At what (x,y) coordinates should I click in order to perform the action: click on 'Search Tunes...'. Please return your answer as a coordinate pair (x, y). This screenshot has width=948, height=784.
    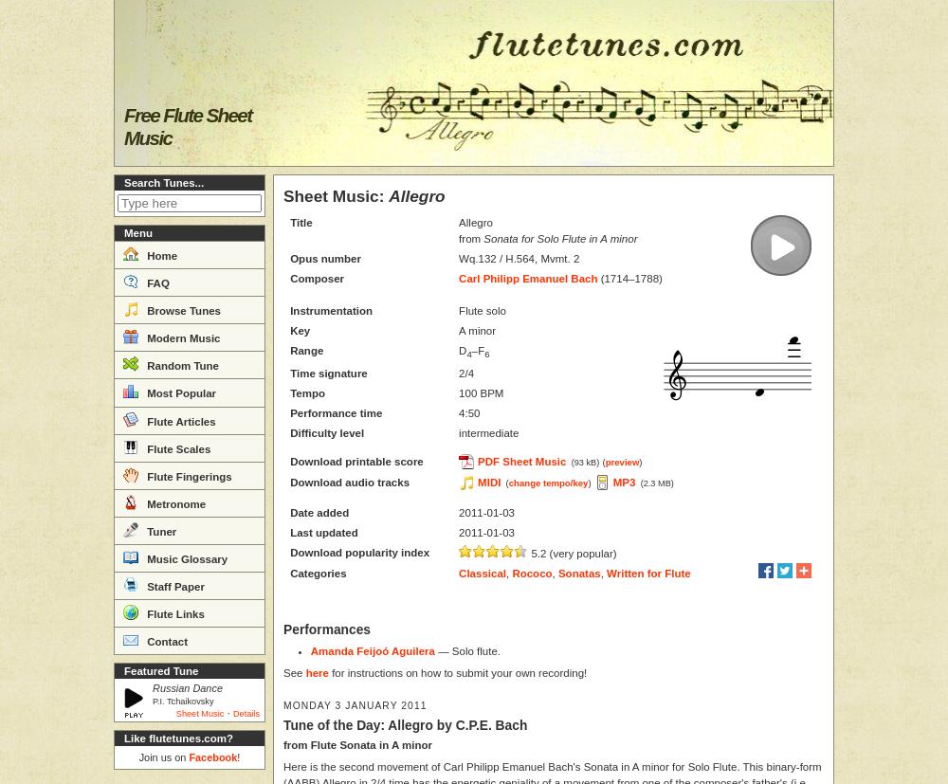
    Looking at the image, I should click on (164, 183).